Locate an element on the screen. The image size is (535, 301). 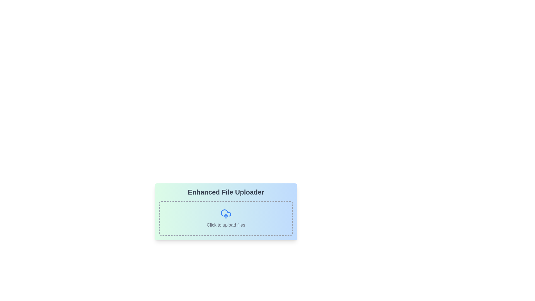
the static text label reading 'Click to upload files', which is styled in light gray and positioned below the blue upload cloud icon in the Enhanced File Uploader interface is located at coordinates (226, 225).